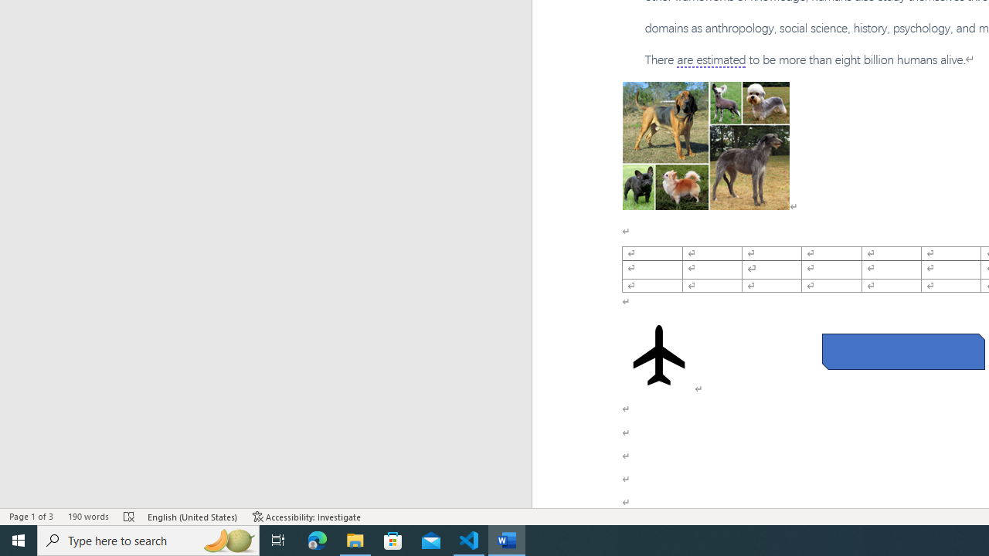 The width and height of the screenshot is (989, 556). What do you see at coordinates (31, 517) in the screenshot?
I see `'Page Number Page 1 of 3'` at bounding box center [31, 517].